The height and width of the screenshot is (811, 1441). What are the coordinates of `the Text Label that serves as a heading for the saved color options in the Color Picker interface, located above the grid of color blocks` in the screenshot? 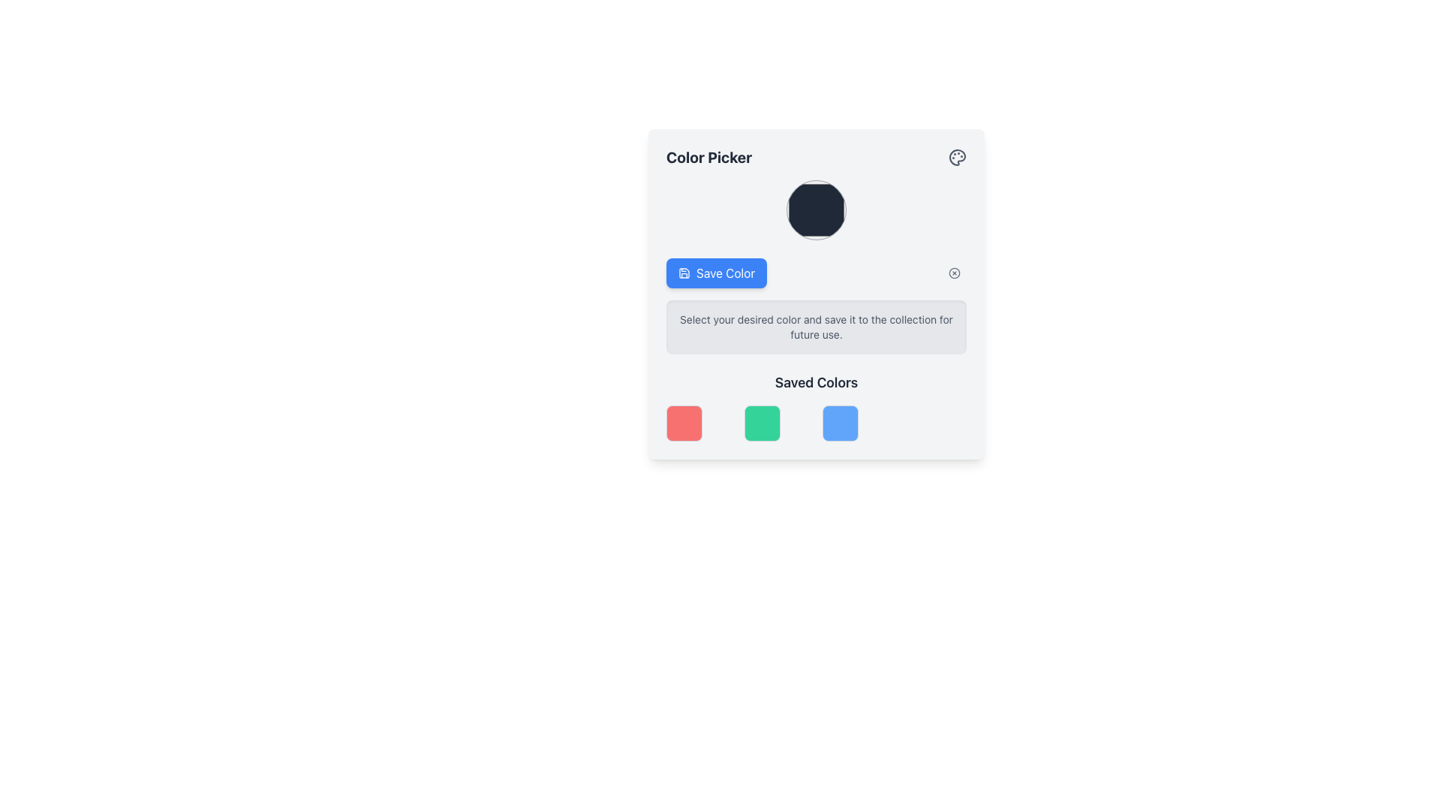 It's located at (816, 381).